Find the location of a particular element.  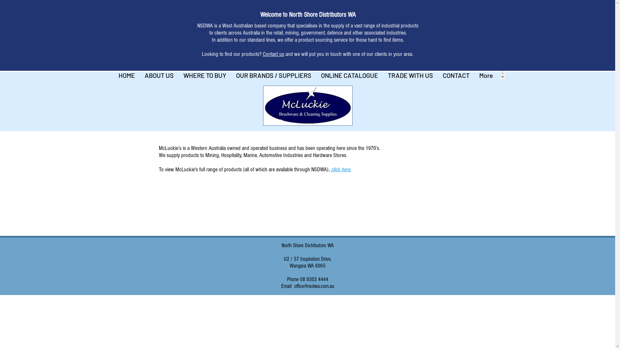

'Contact us' is located at coordinates (273, 54).